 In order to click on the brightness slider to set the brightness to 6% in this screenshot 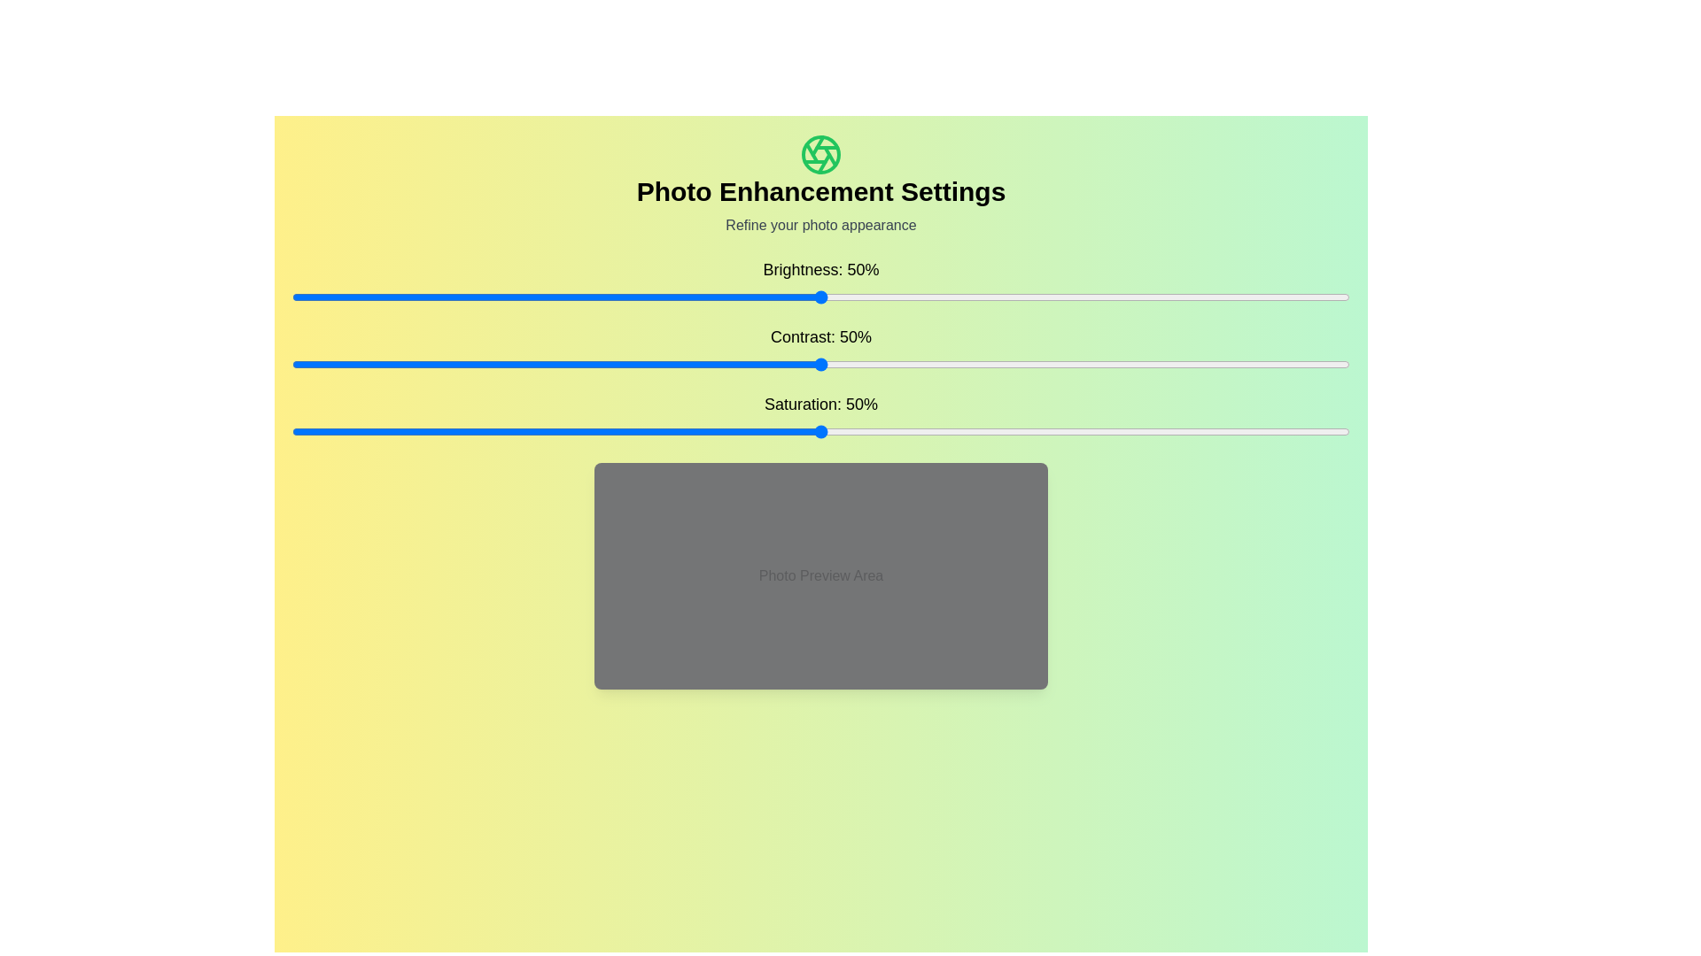, I will do `click(354, 296)`.